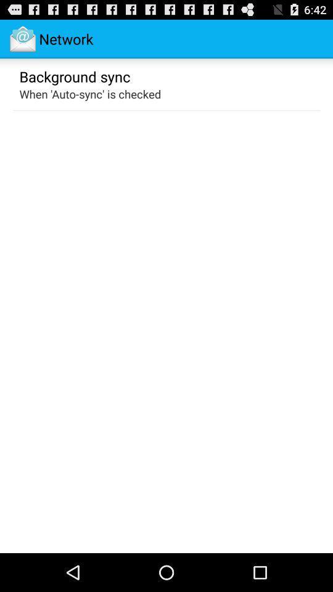 Image resolution: width=333 pixels, height=592 pixels. Describe the element at coordinates (89, 93) in the screenshot. I see `when auto sync icon` at that location.